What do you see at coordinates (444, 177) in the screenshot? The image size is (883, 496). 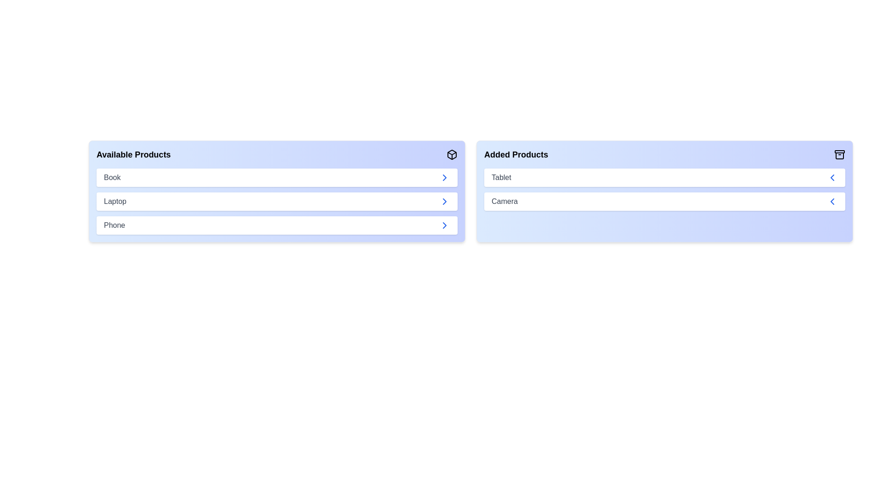 I see `right arrow button next to the product 'Book' in the 'Available Products' list to transfer it to the 'Added Products' list` at bounding box center [444, 177].